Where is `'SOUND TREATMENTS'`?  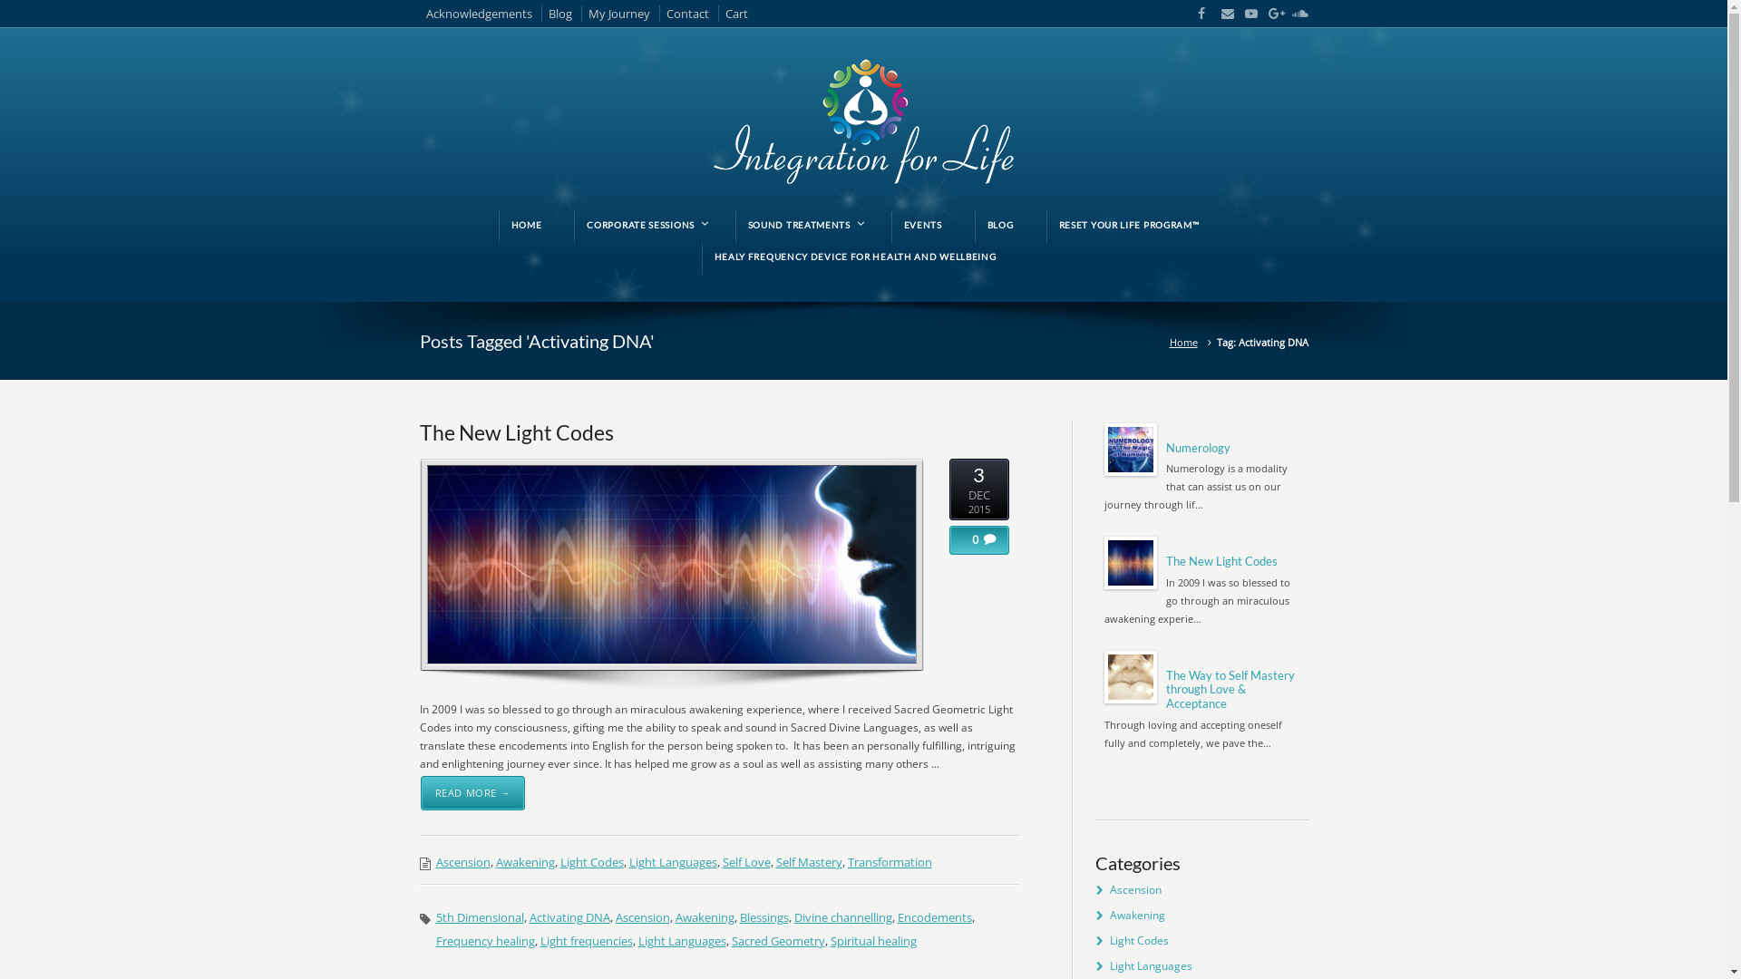
'SOUND TREATMENTS' is located at coordinates (802, 223).